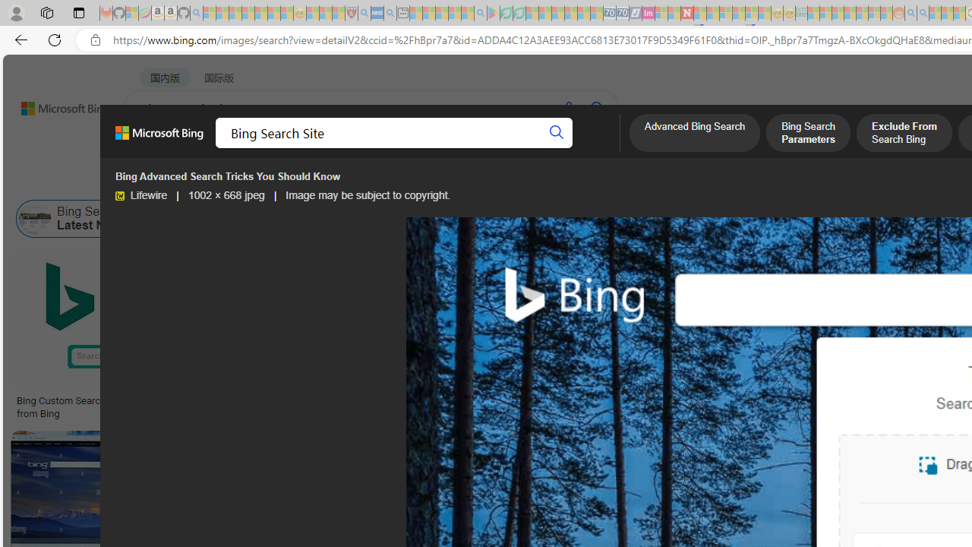 This screenshot has height=547, width=972. I want to click on 'Exclude From Search Bing', so click(904, 134).